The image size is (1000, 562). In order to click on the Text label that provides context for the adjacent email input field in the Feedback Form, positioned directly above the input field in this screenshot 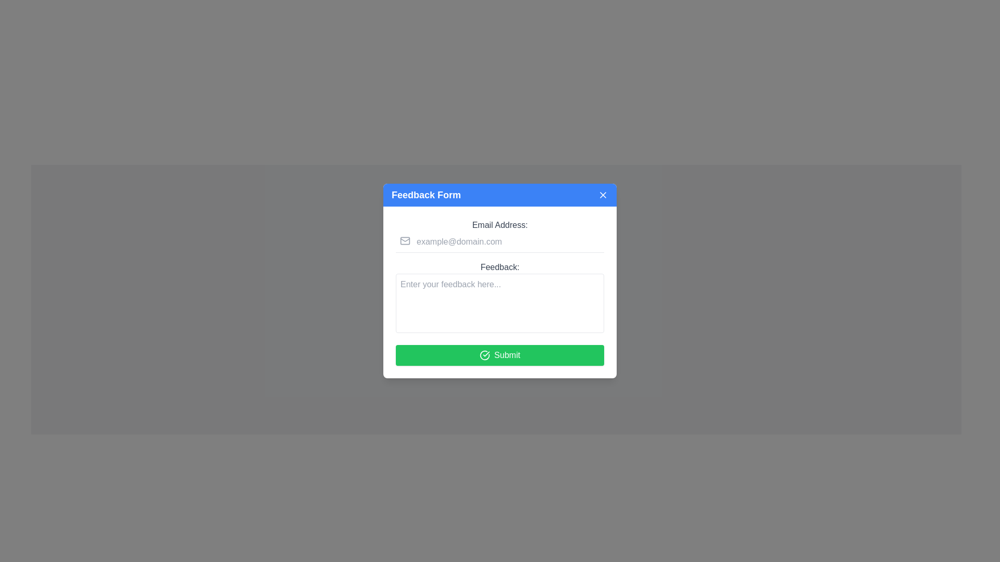, I will do `click(500, 224)`.